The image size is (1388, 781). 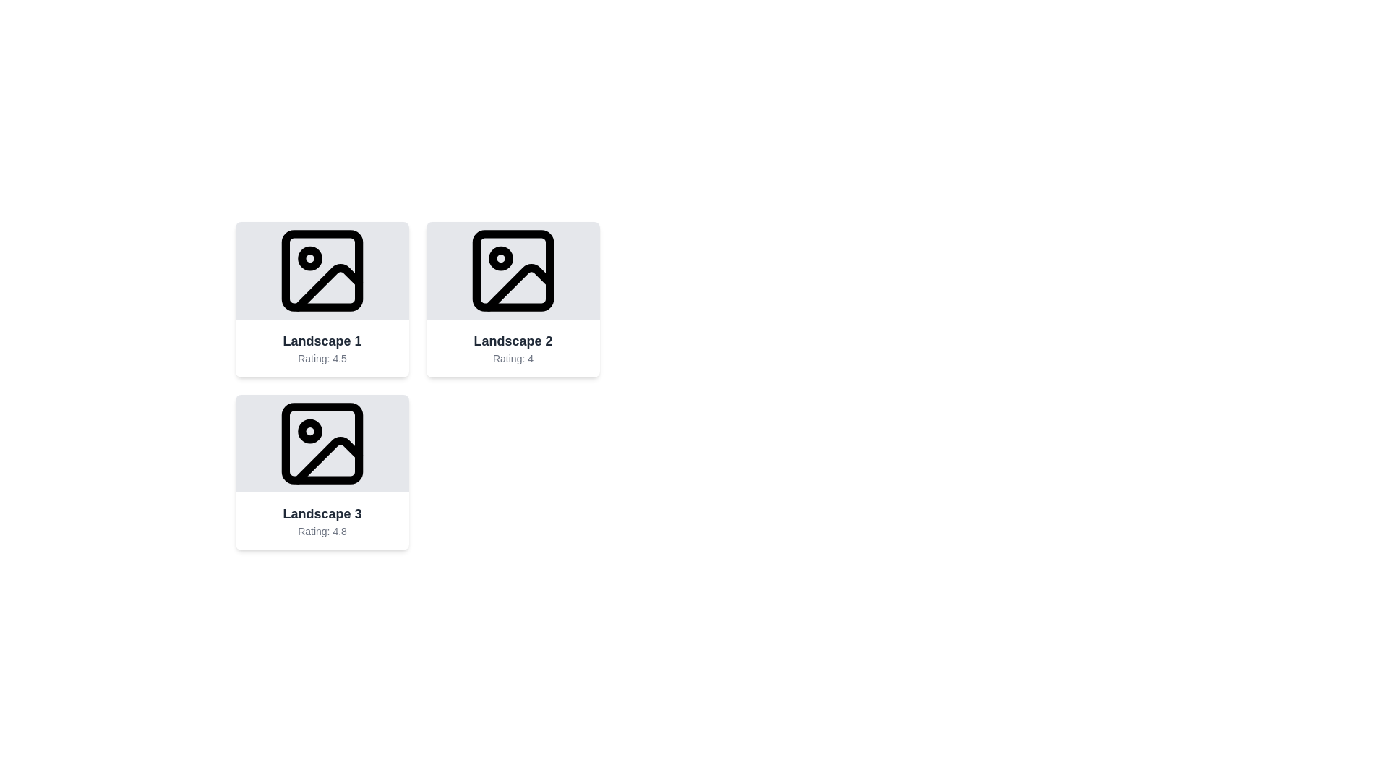 What do you see at coordinates (322, 270) in the screenshot?
I see `decorative graphical element within the 'Landscape 1' icon located at the top-left corner of the grid layout, which has a rating of 4.5, using developer tools` at bounding box center [322, 270].